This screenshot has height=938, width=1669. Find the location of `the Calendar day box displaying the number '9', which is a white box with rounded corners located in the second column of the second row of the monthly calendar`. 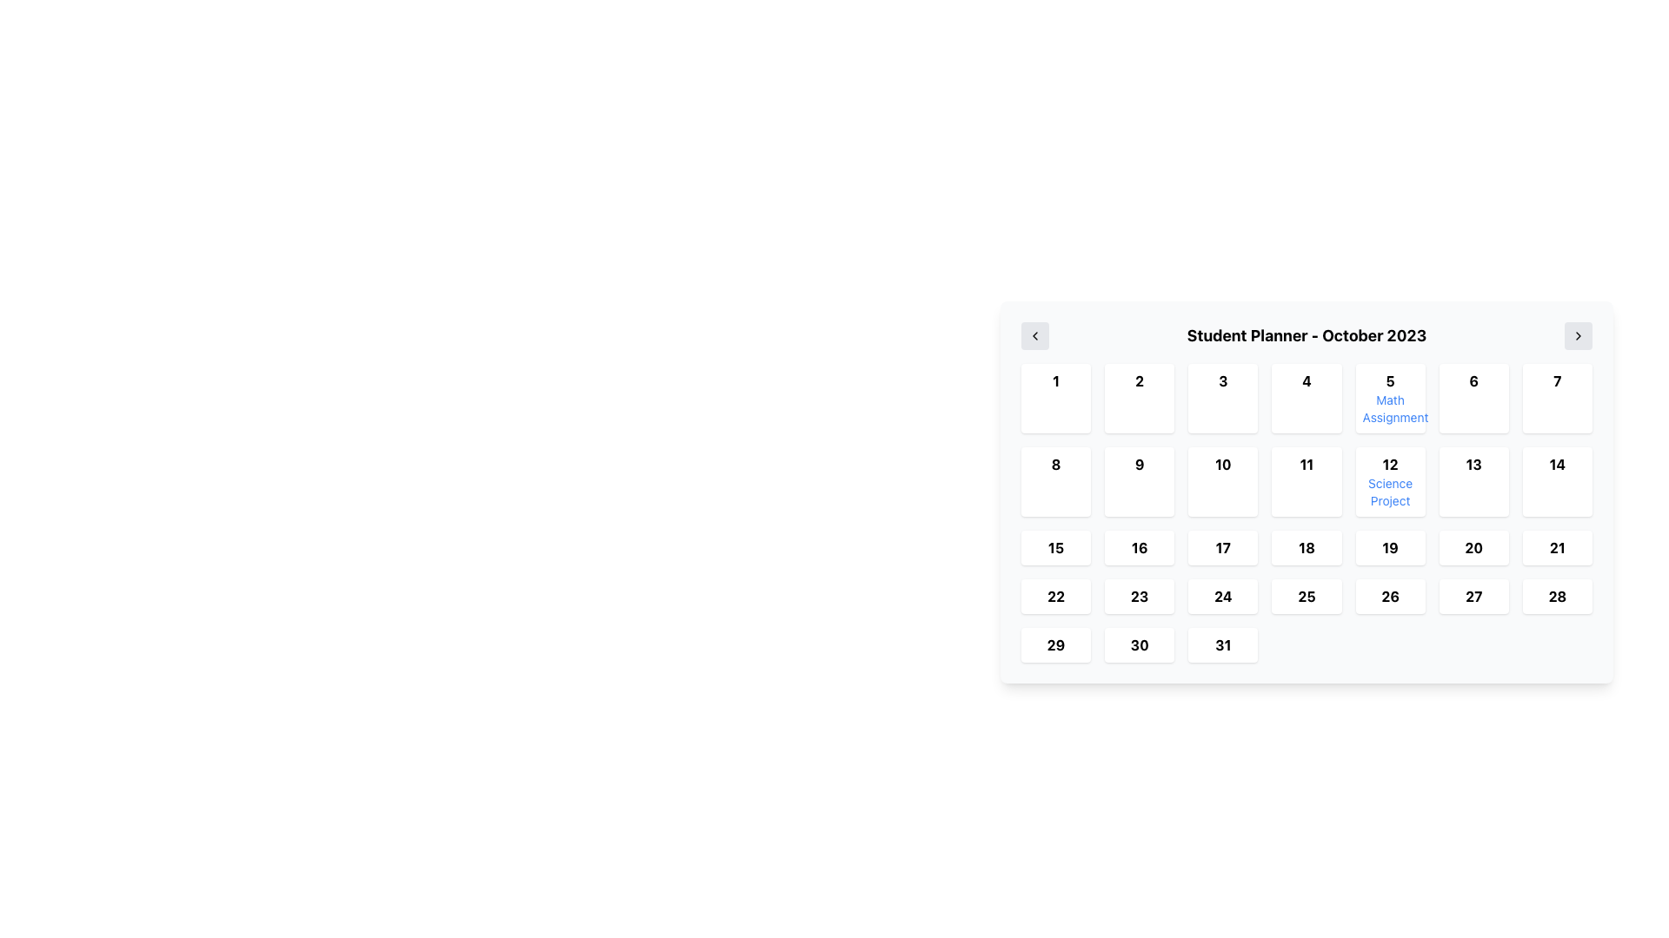

the Calendar day box displaying the number '9', which is a white box with rounded corners located in the second column of the second row of the monthly calendar is located at coordinates (1140, 482).